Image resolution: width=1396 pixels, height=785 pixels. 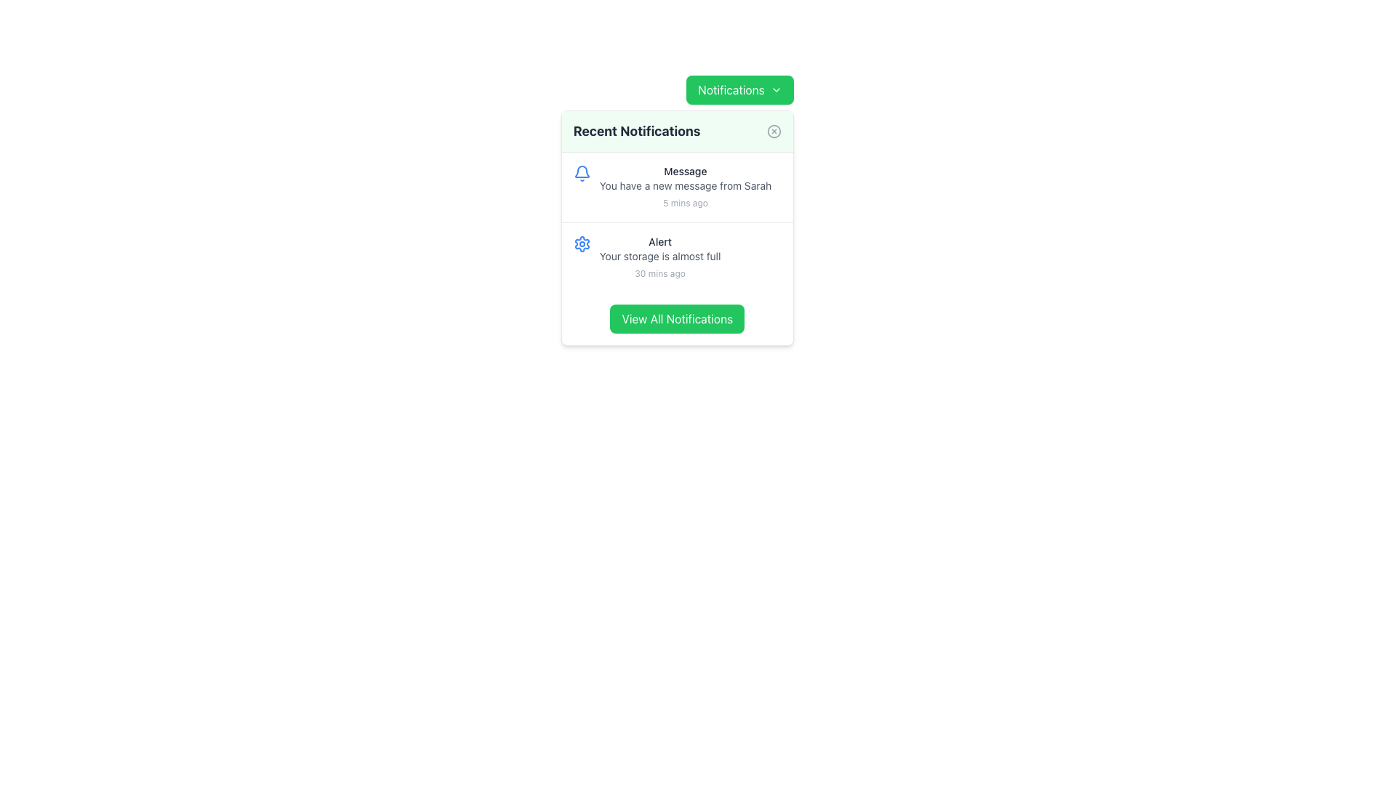 I want to click on the first notification item in the 'Recent Notifications' dropdown, which features a blue bell icon, a bold title 'Message', a subtitle 'You have a new message from Sarah', and a timestamp '5 mins ago', so click(x=676, y=187).